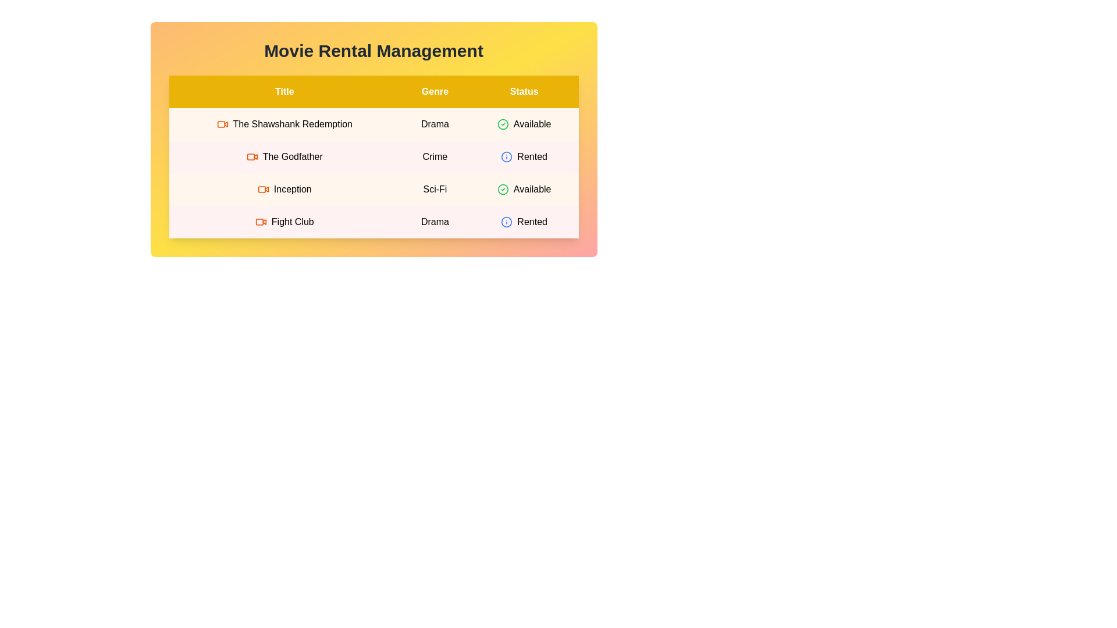  I want to click on the status icon for the movie 'The Godfather' to view its rental status details, so click(507, 157).